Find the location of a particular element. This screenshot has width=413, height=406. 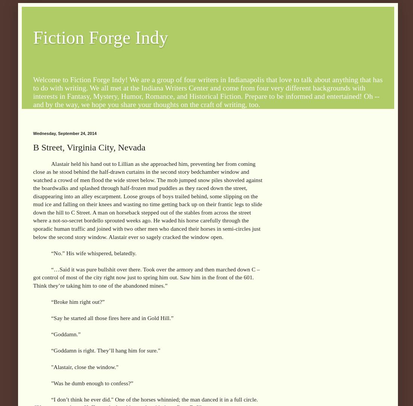

'Welcome to Fiction Forge Indy!  We are a group of four writers in Indianapolis that love to talk about anything that has to do with writing.  We all met at the Indiana Writers Center and come from four very different backgrounds with interests in Fantasy, Mystery, Humor, Romance, and Historical Fiction. Prepare to be informed and entertained! Oh --and by the way, we hope you share your thoughts on the craft of writing, too.' is located at coordinates (207, 92).